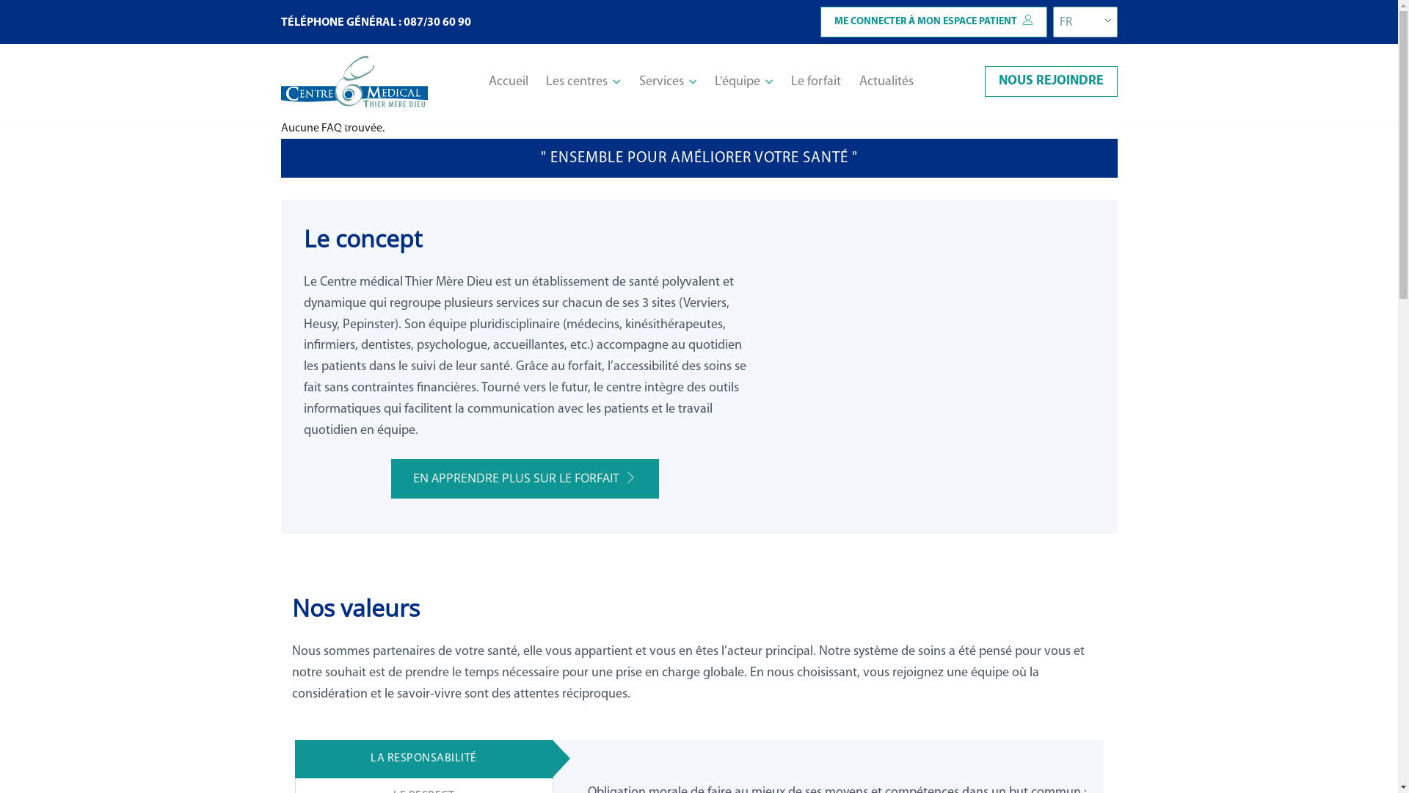 The image size is (1409, 793). I want to click on 'Les centres', so click(583, 82).